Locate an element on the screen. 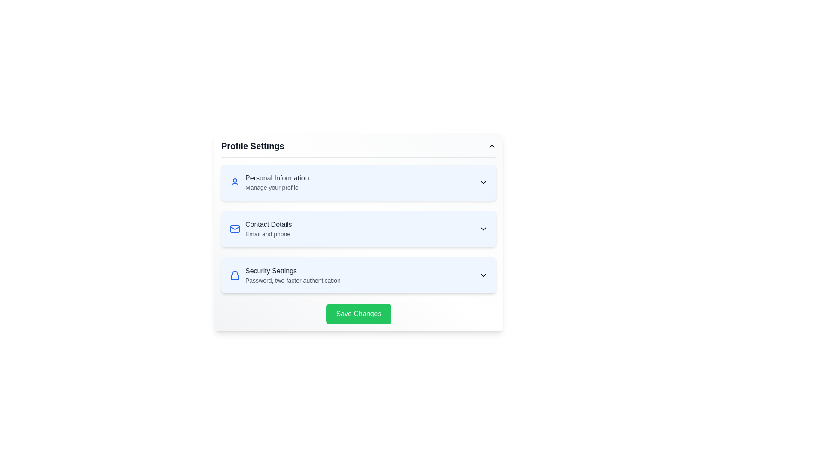 The height and width of the screenshot is (464, 825). the 'Contact Details' text with the blue envelope icon is located at coordinates (260, 228).